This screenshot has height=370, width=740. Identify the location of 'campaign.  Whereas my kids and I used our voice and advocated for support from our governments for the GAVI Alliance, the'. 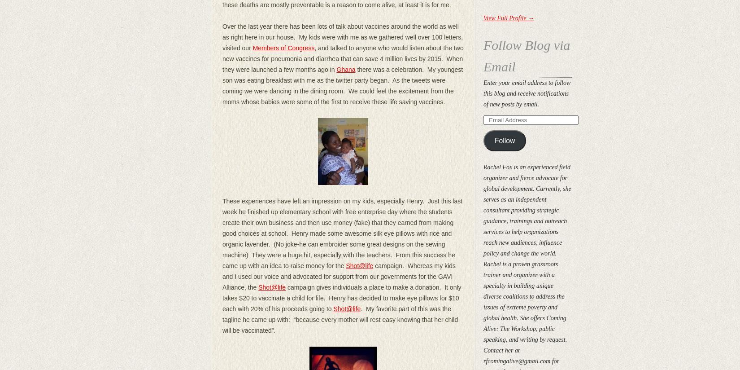
(339, 277).